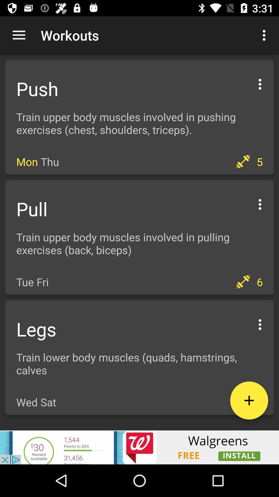 This screenshot has height=497, width=279. I want to click on the first customized options icon which is right side of the workouts, so click(265, 35).